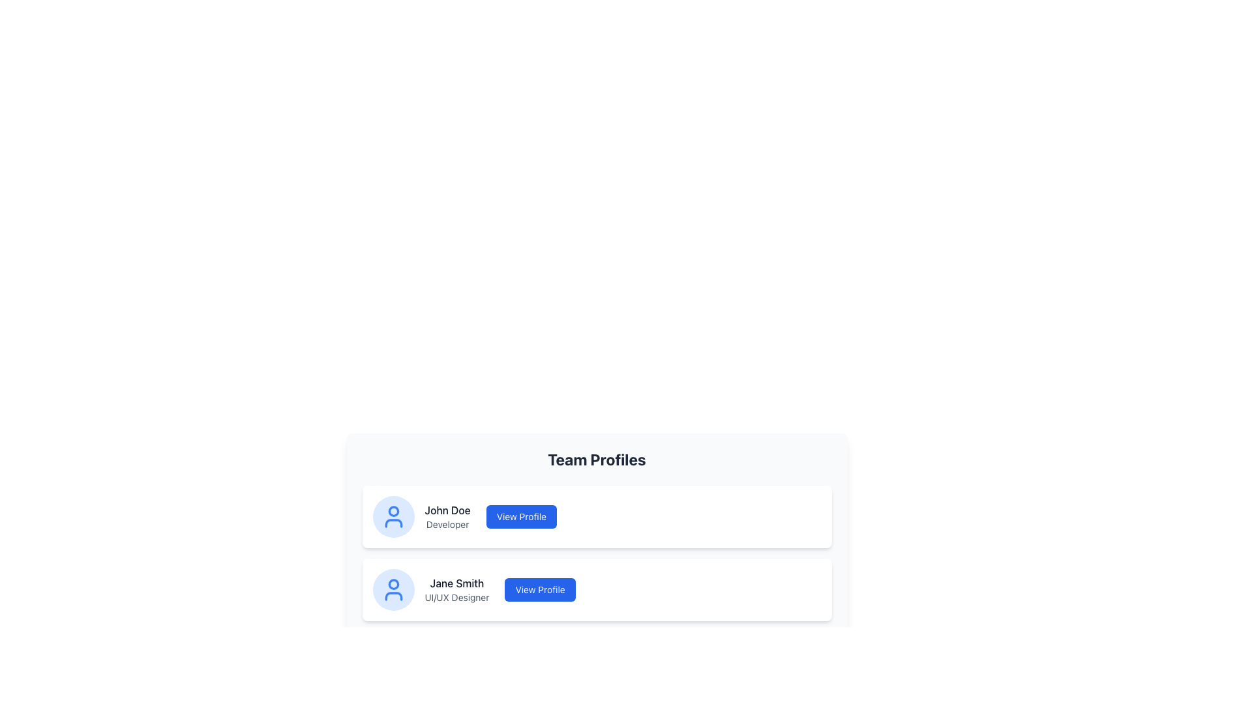  What do you see at coordinates (456, 582) in the screenshot?
I see `the 'Jane Smith' text label in the profile card` at bounding box center [456, 582].